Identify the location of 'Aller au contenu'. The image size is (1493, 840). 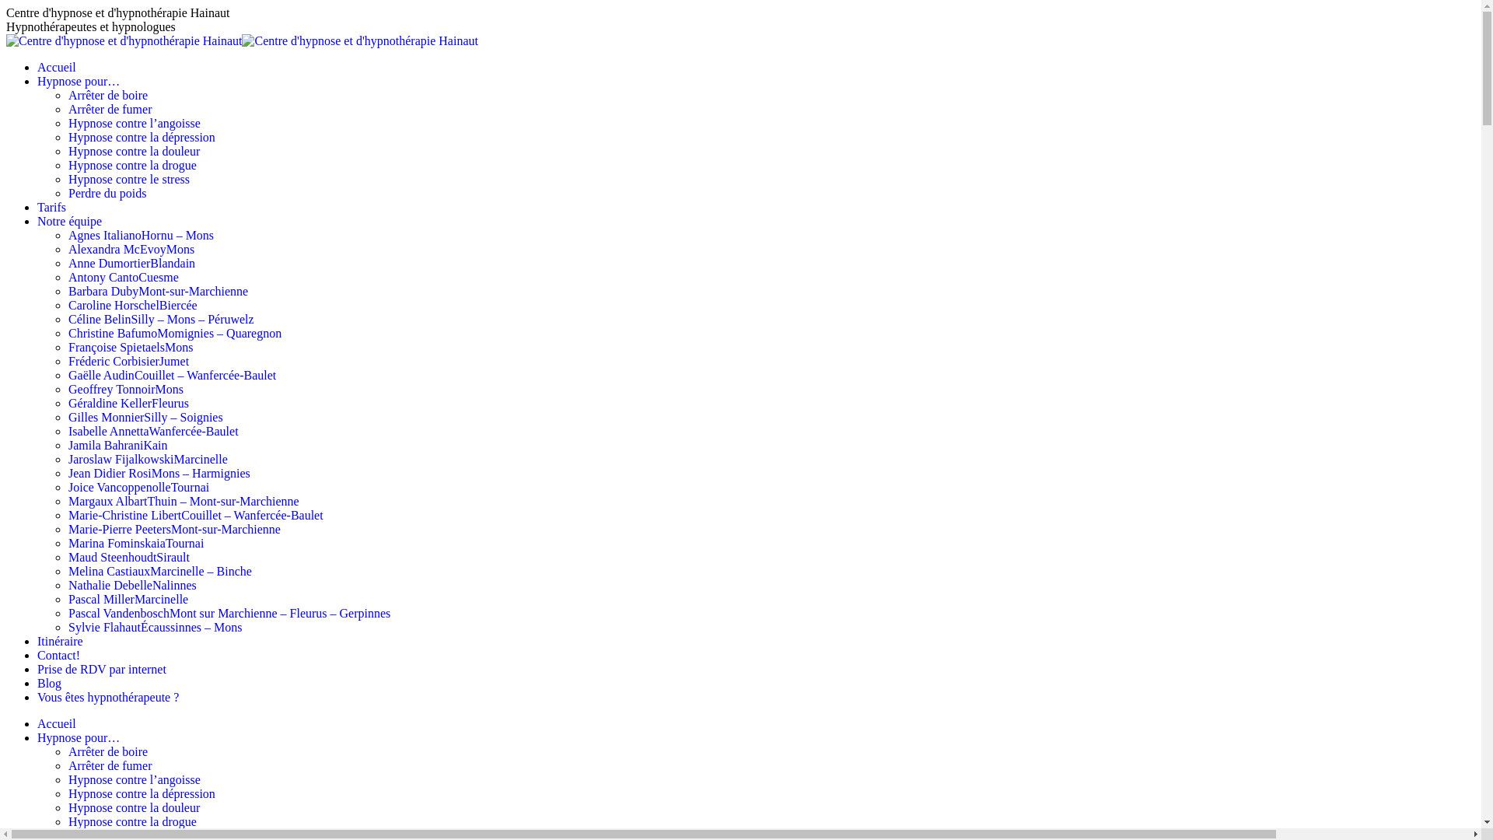
(5, 5).